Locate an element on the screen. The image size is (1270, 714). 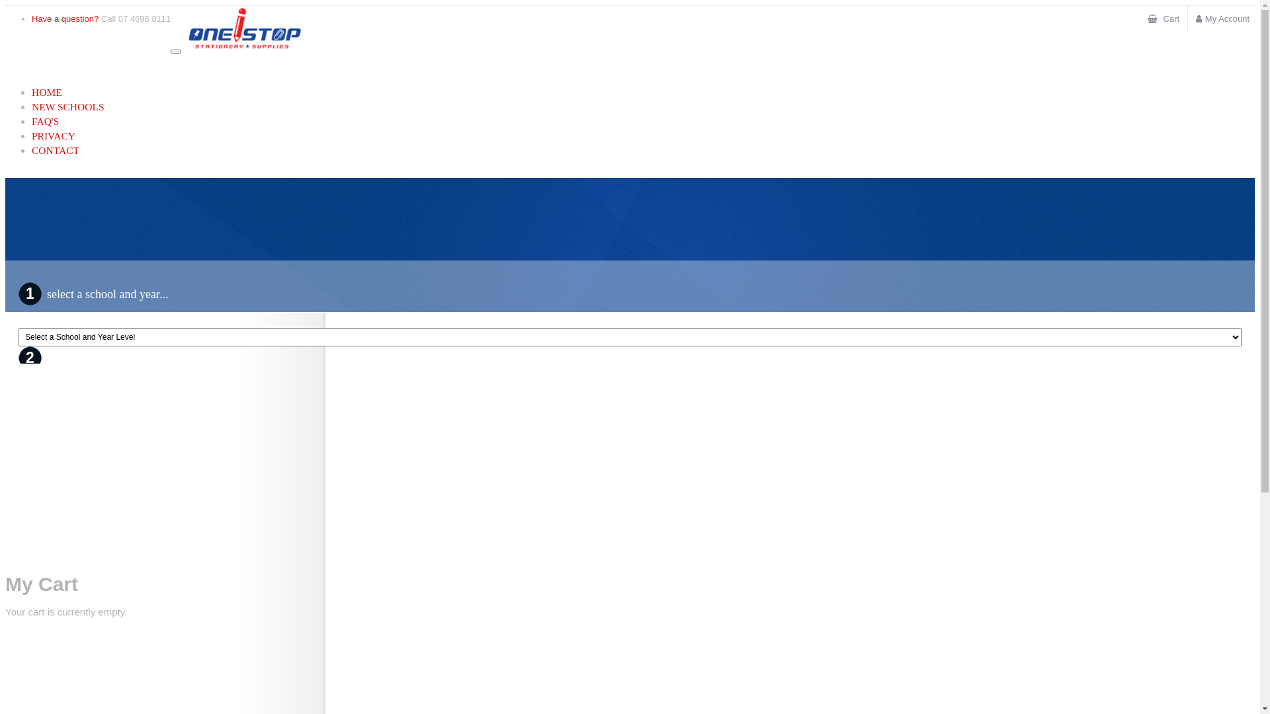
'Cart' is located at coordinates (1162, 19).